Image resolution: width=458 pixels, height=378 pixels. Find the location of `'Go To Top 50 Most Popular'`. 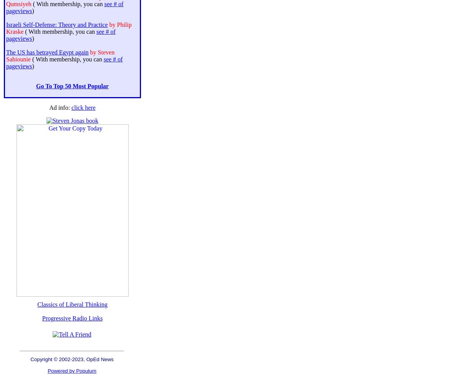

'Go To Top 50 Most Popular' is located at coordinates (71, 86).